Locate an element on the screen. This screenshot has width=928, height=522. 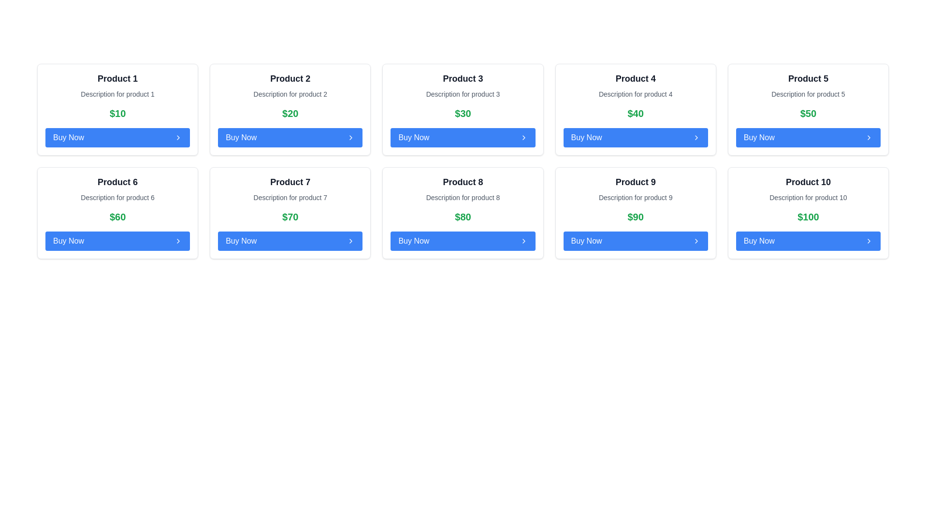
the chevron icon embedded in the 'Buy Now' button located in the bottom section of the 'Product 8' card, which is in the second row and third column of the grid layout is located at coordinates (523, 240).